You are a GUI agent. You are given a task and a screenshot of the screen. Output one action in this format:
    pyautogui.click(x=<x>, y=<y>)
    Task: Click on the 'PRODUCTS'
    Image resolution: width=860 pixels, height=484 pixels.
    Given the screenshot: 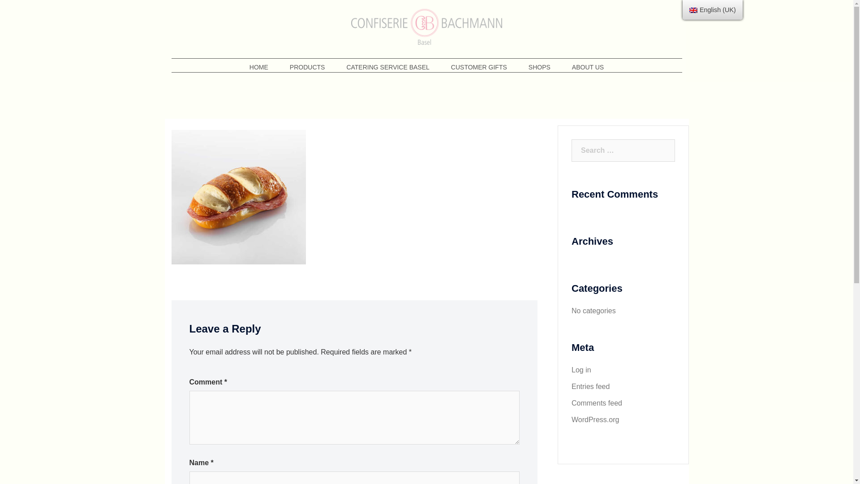 What is the action you would take?
    pyautogui.click(x=307, y=67)
    